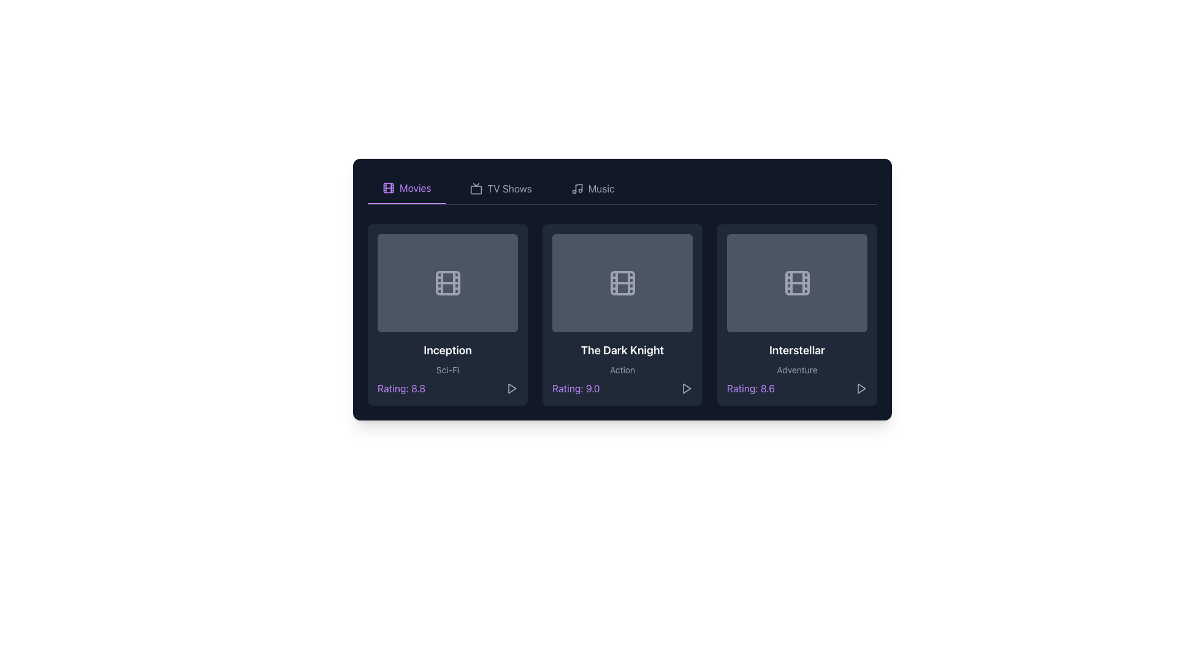 This screenshot has width=1177, height=662. Describe the element at coordinates (593, 189) in the screenshot. I see `the 'Music' navigation tab, which is the third tab in the navigation bar` at that location.